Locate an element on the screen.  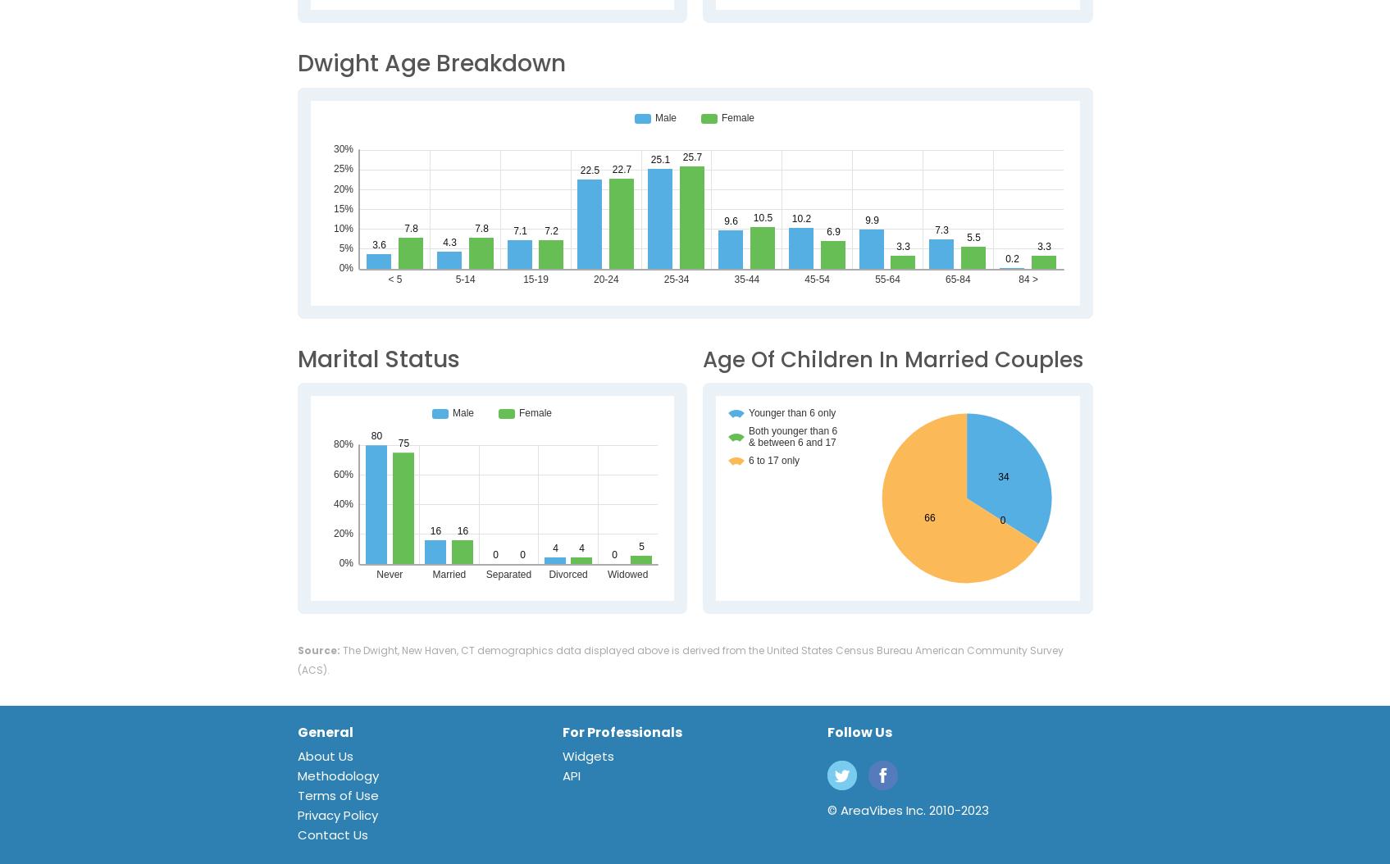
'For Professionals' is located at coordinates (561, 731).